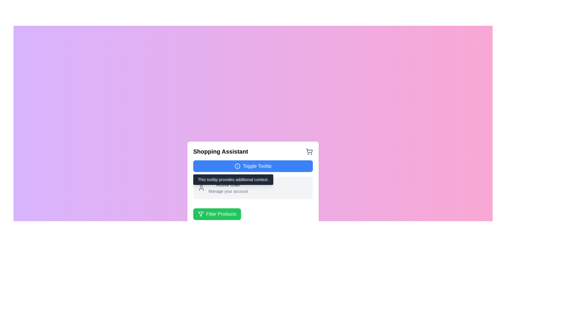 The height and width of the screenshot is (316, 563). I want to click on the user-related information icon located to the left of the 'Active User' section with the subtitle 'Manage your account.', so click(201, 188).